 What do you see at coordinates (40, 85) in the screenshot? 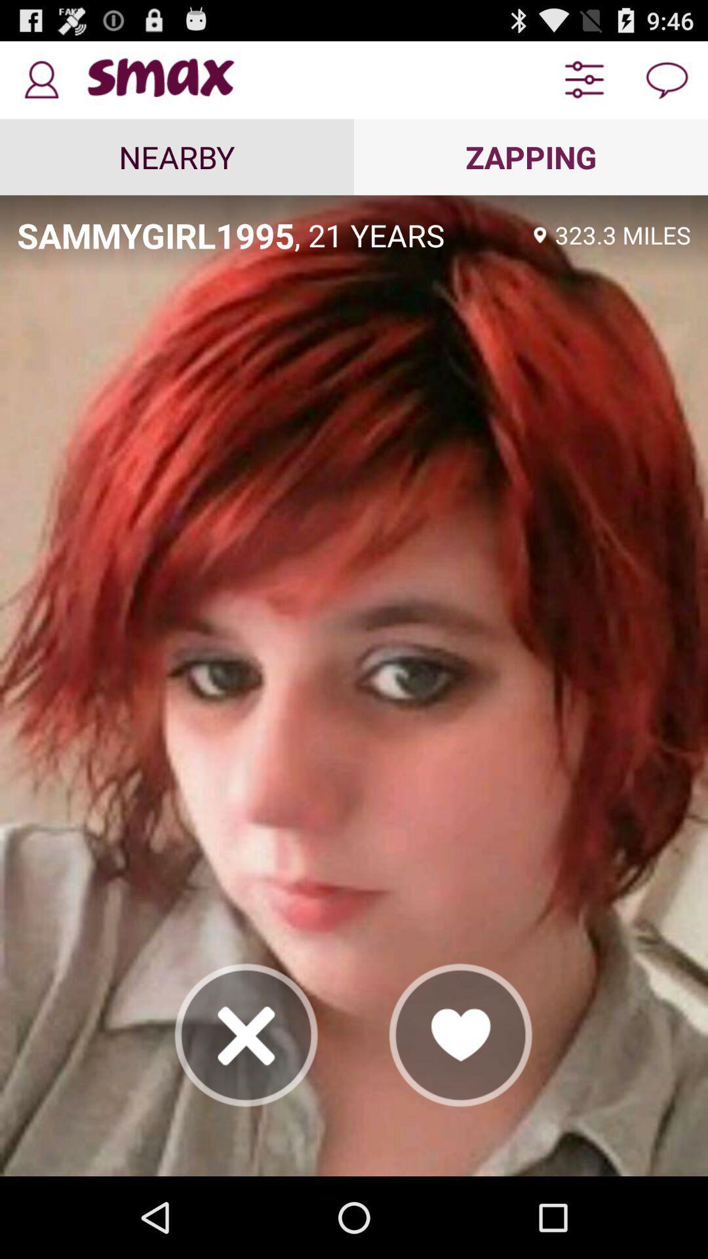
I see `the avatar icon` at bounding box center [40, 85].